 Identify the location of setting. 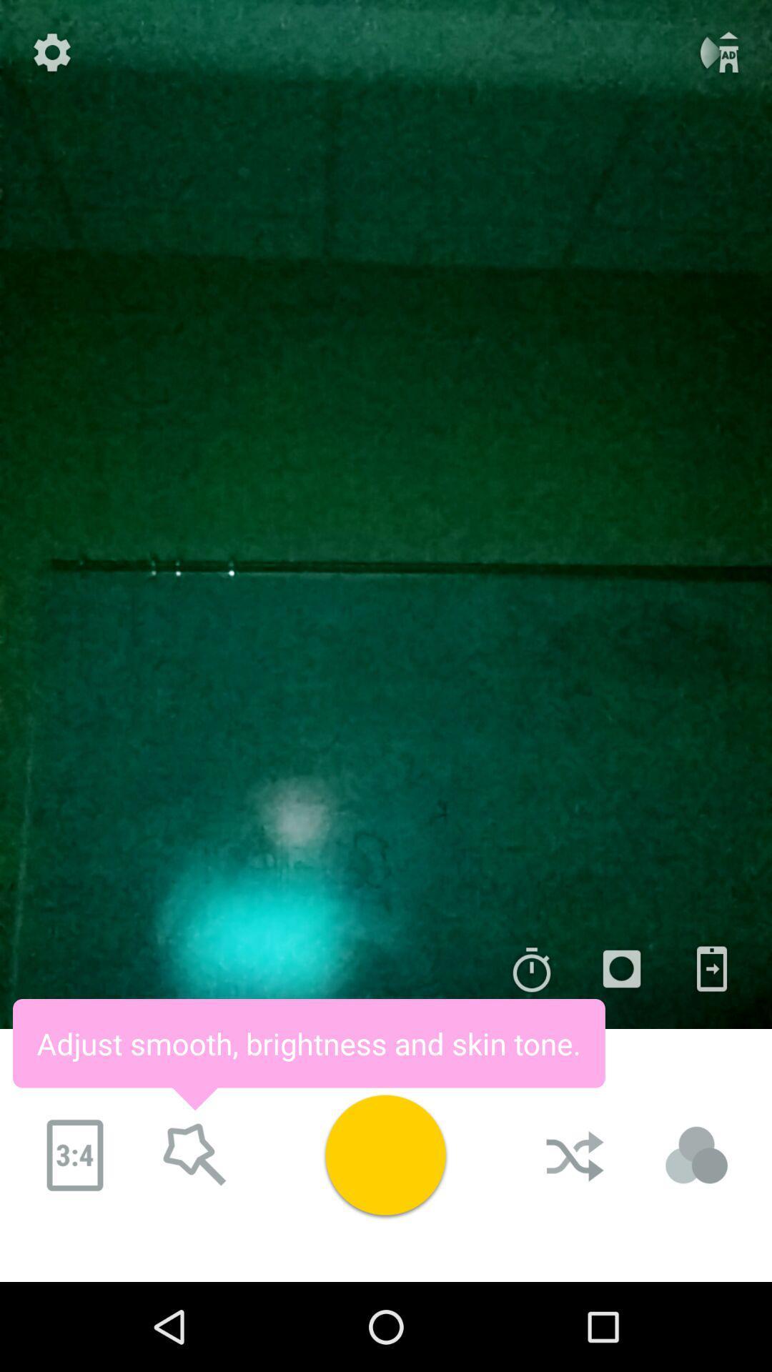
(51, 52).